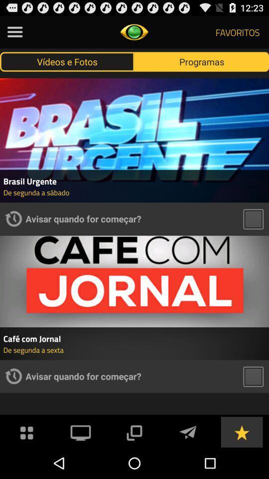 The width and height of the screenshot is (269, 479). What do you see at coordinates (80, 431) in the screenshot?
I see `live tv` at bounding box center [80, 431].